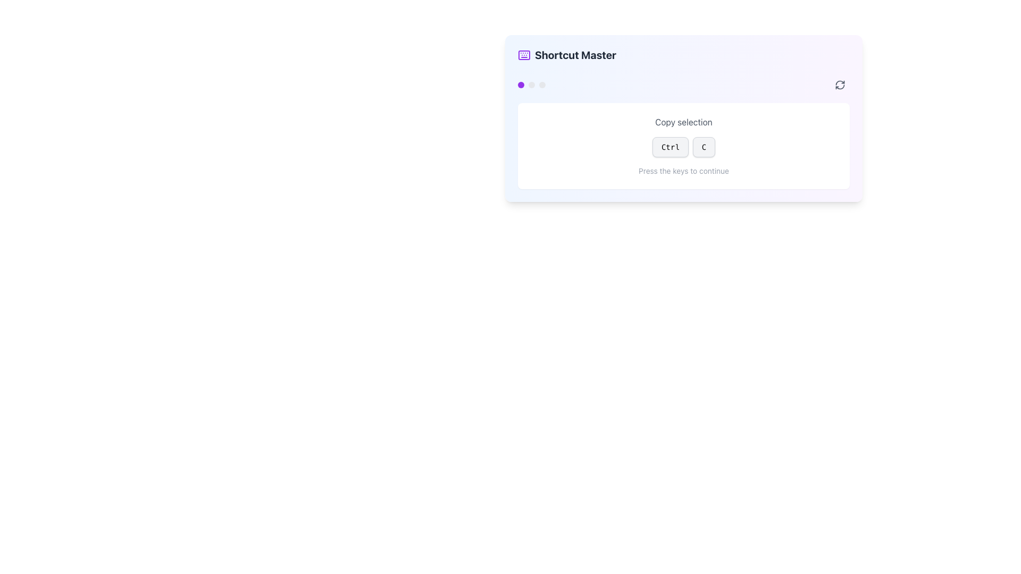 This screenshot has width=1021, height=574. Describe the element at coordinates (684, 170) in the screenshot. I see `the static text label displaying 'Press the keys to continue', which is located at the bottom of the 'Shortcut Master' card component` at that location.